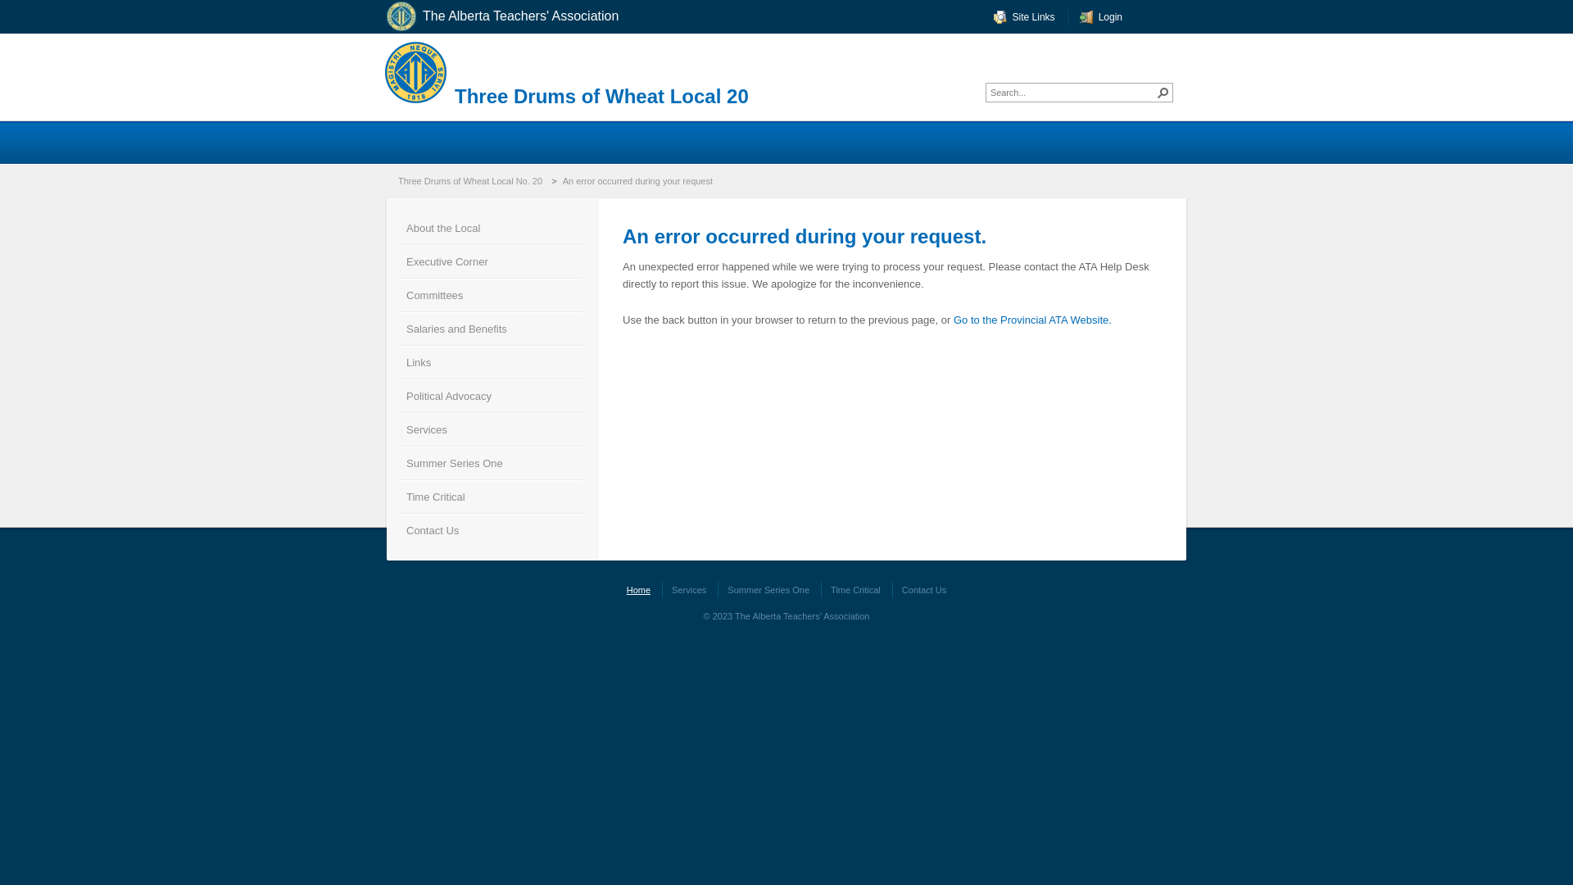  Describe the element at coordinates (1080, 16) in the screenshot. I see `'Login'` at that location.